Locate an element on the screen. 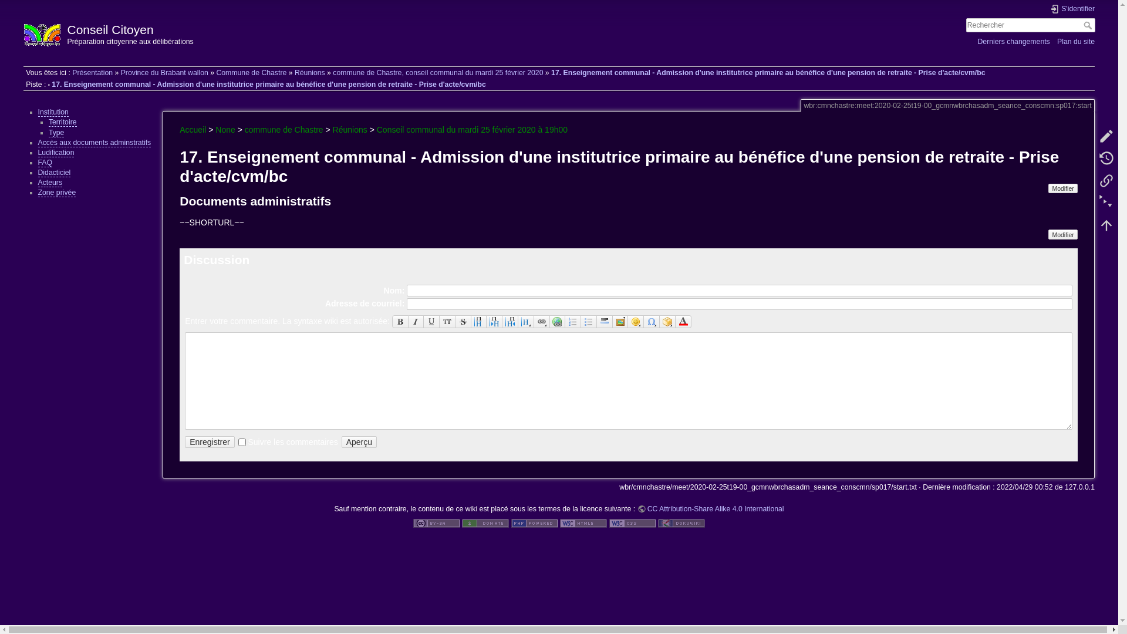  'Enregistrer [S]' is located at coordinates (184, 442).